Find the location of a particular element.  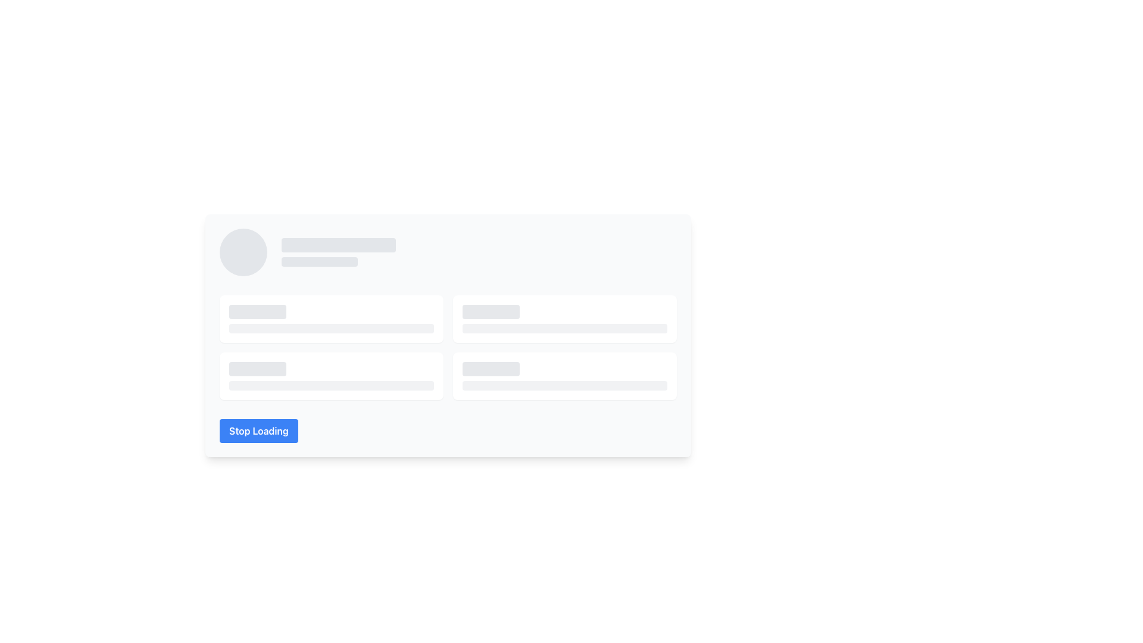

the loading placeholder element located within a white card, positioned below a shorter sibling placeholder, indicating where textual content will be displayed once loading is complete is located at coordinates (331, 386).